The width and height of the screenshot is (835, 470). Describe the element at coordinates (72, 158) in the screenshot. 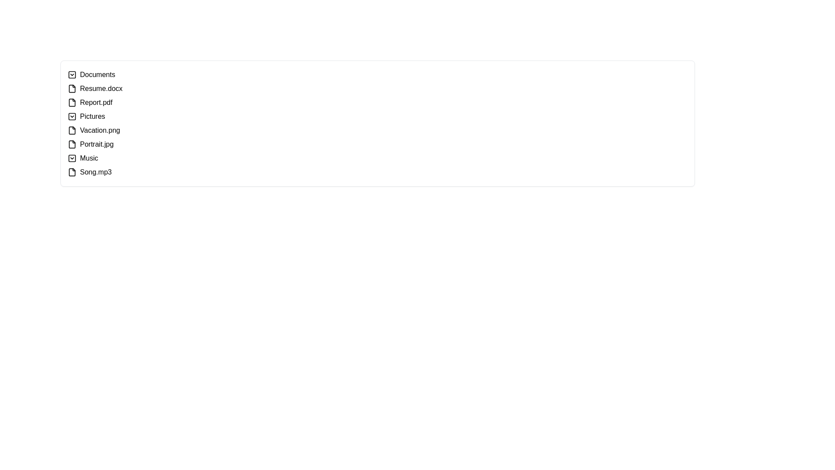

I see `the collapsible 'square-chevron-down' icon located near the 'Music' entry in the file list` at that location.